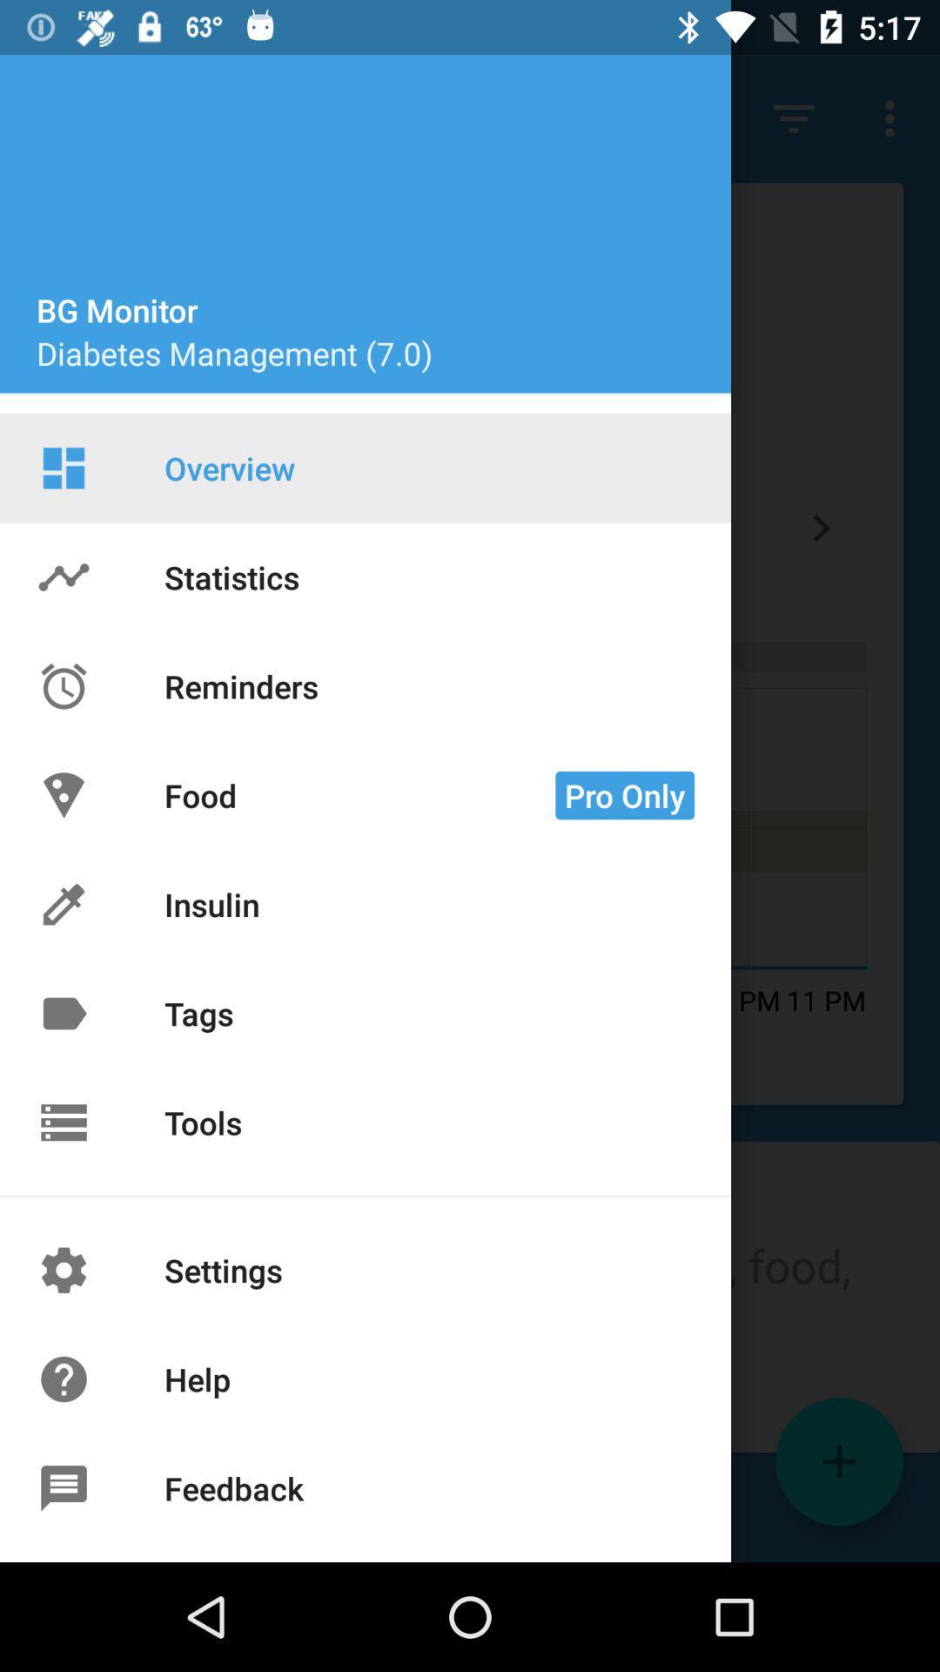 The width and height of the screenshot is (940, 1672). I want to click on the arrow_forward icon, so click(821, 527).